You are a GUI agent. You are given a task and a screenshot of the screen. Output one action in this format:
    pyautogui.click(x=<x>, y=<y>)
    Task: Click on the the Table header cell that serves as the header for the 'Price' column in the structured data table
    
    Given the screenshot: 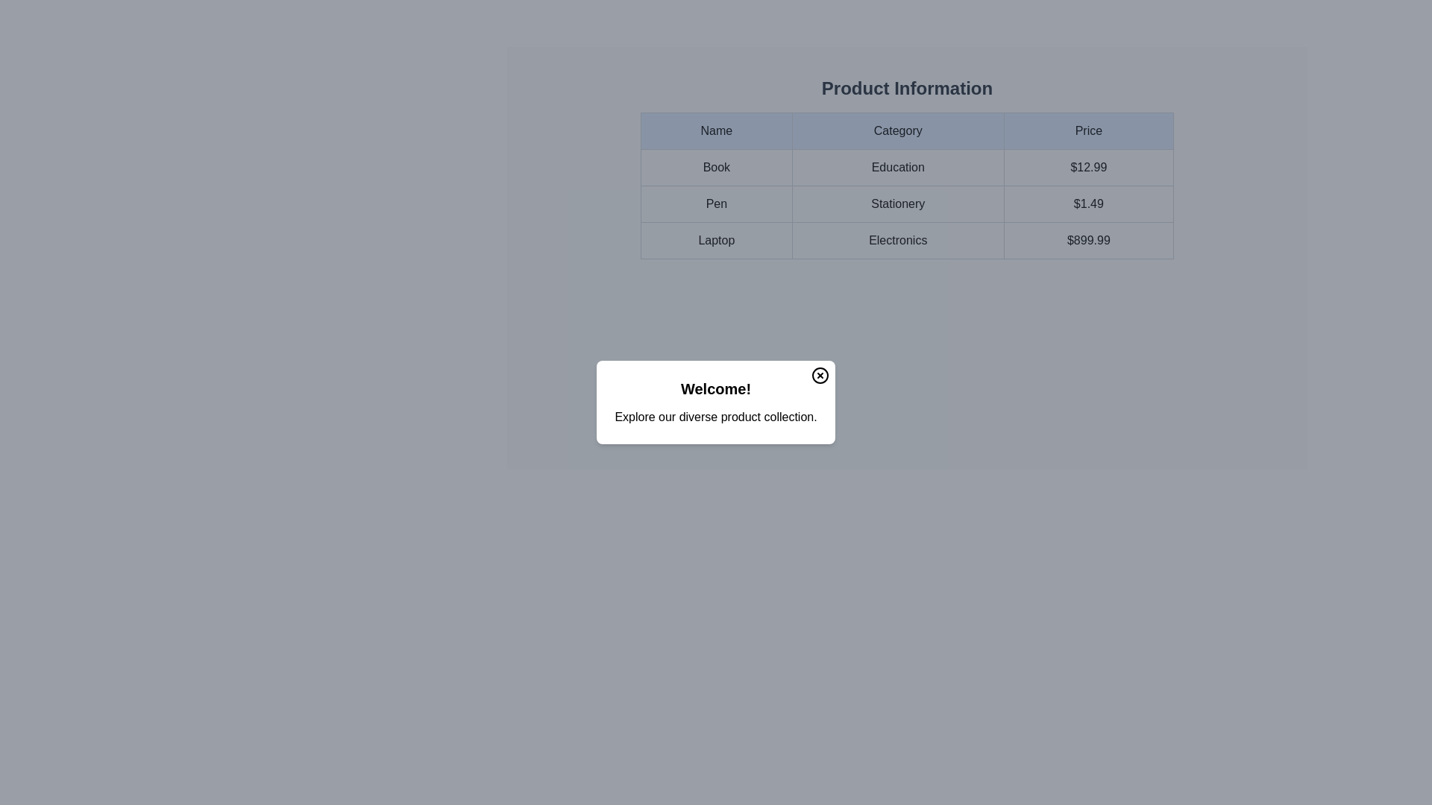 What is the action you would take?
    pyautogui.click(x=1088, y=130)
    